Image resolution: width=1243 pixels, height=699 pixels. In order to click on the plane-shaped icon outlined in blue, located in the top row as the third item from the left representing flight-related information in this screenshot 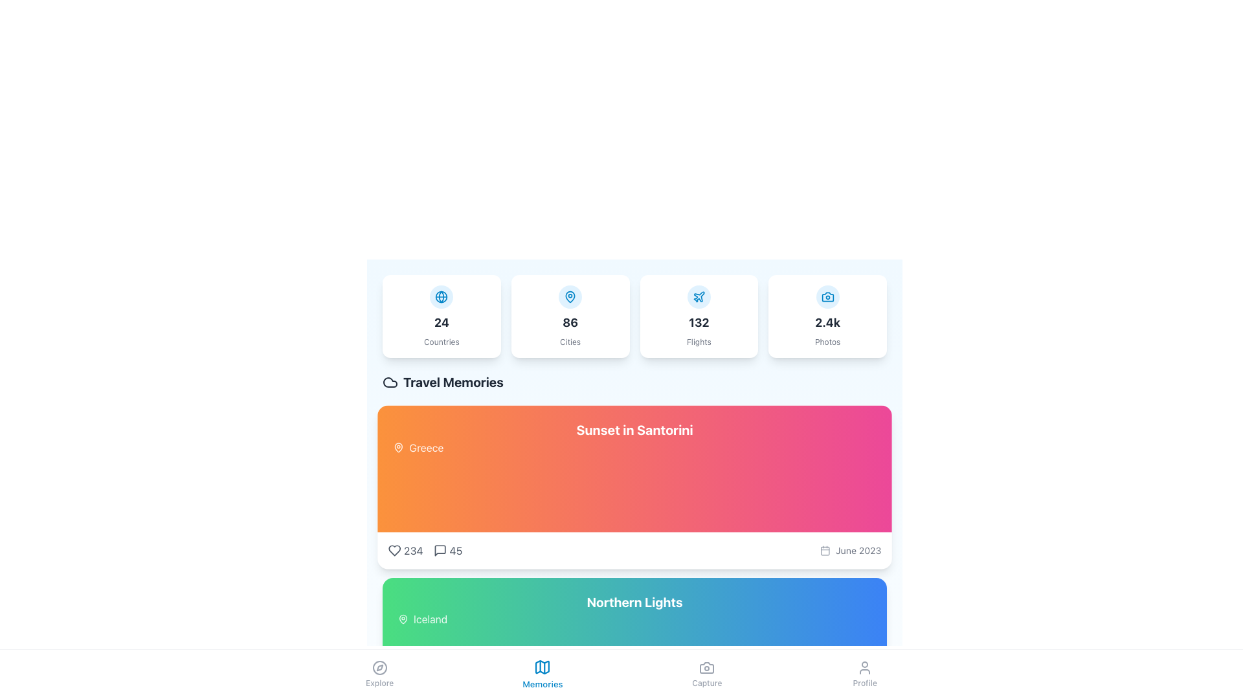, I will do `click(698, 297)`.